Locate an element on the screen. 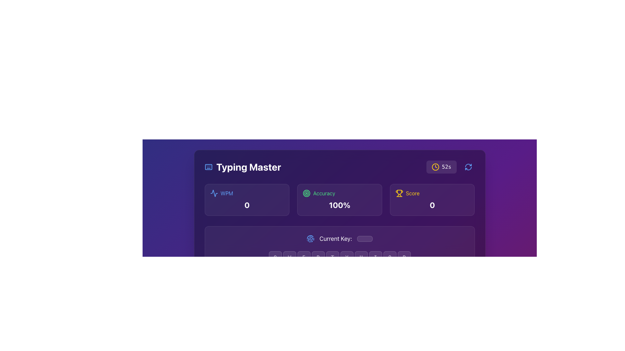 Image resolution: width=625 pixels, height=351 pixels. the static text display showing '100%' which is located under the 'Accuracy' label and next to a target icon is located at coordinates (339, 205).